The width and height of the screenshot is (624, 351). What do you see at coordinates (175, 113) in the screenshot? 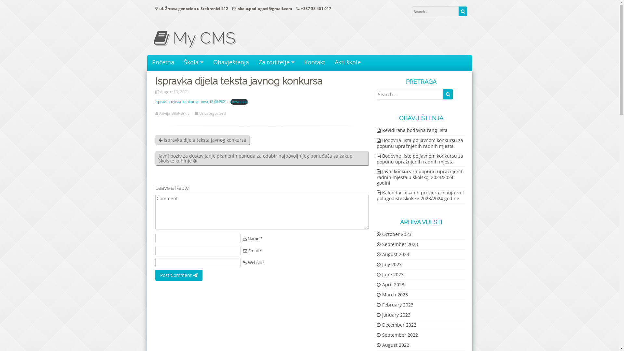
I see `'Advija Bilal-Brkic'` at bounding box center [175, 113].